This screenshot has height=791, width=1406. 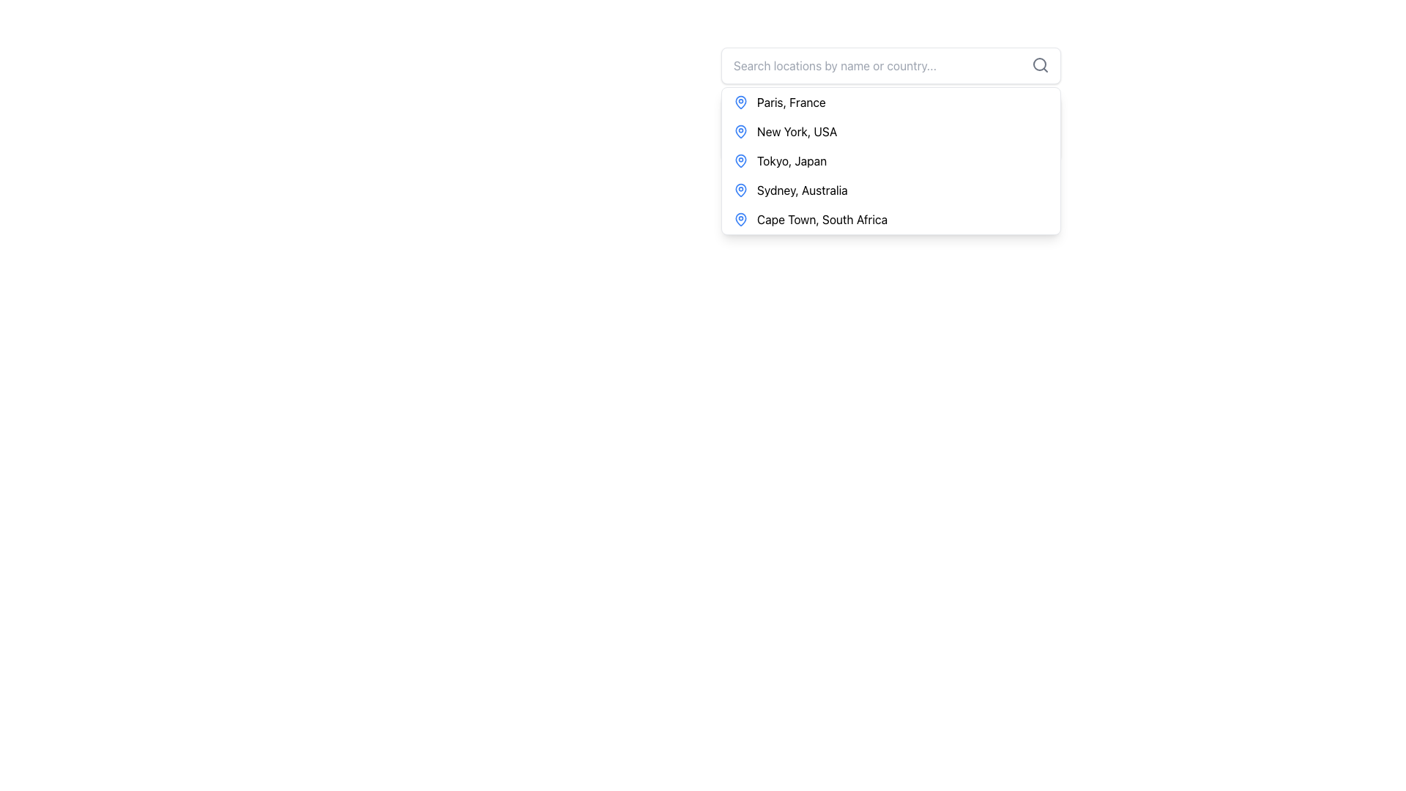 I want to click on the circular element of the magnifying glass icon located at the top-right corner of the search bar, so click(x=1039, y=64).